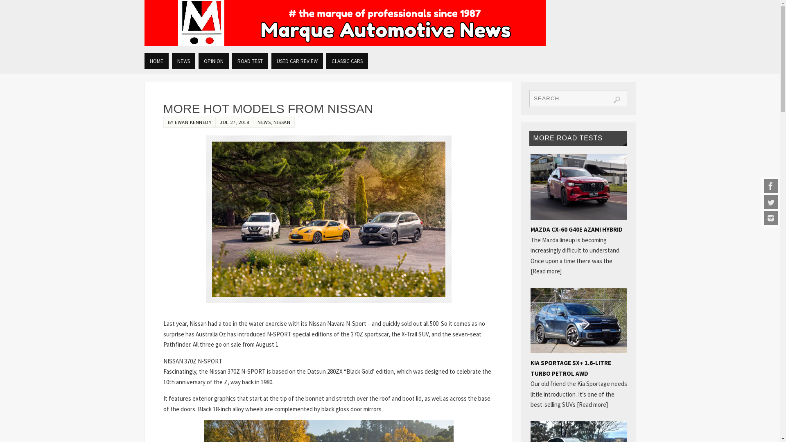 This screenshot has width=786, height=442. Describe the element at coordinates (576, 229) in the screenshot. I see `'MAZDA CX-60 G40E AZAMI HYBRID'` at that location.